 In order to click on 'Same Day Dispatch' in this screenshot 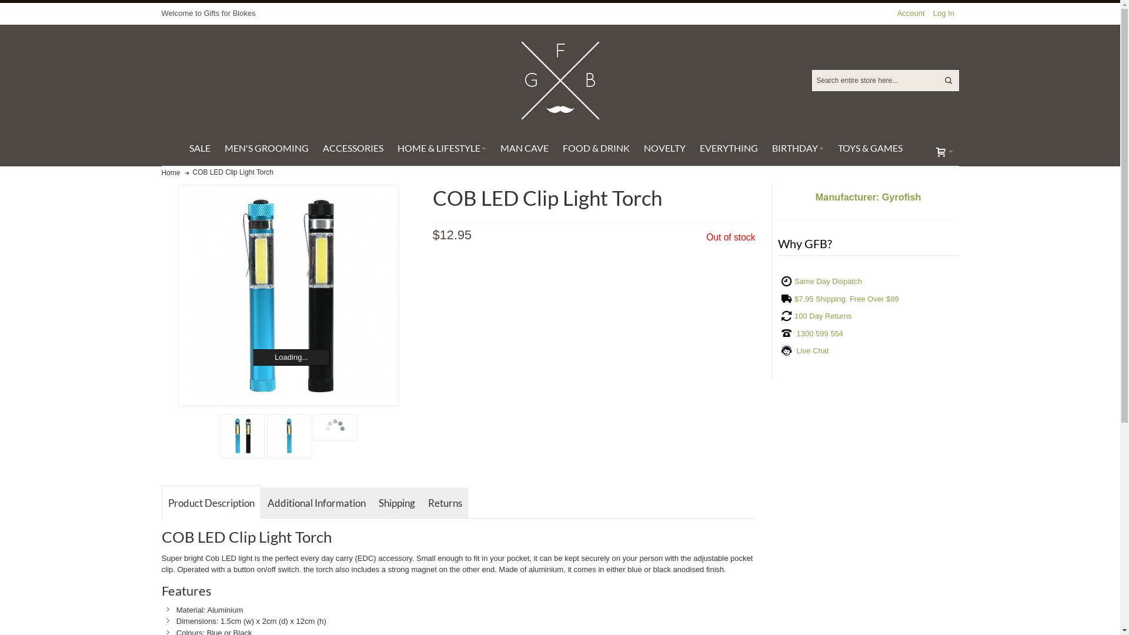, I will do `click(794, 281)`.